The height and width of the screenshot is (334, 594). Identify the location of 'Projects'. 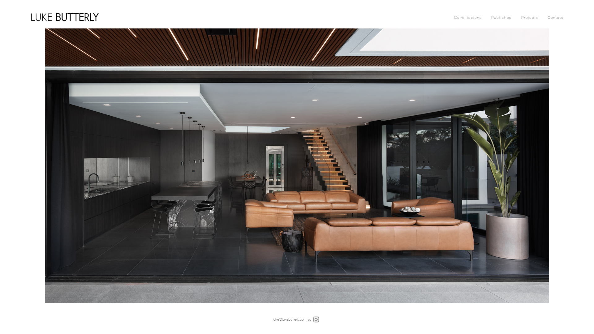
(529, 17).